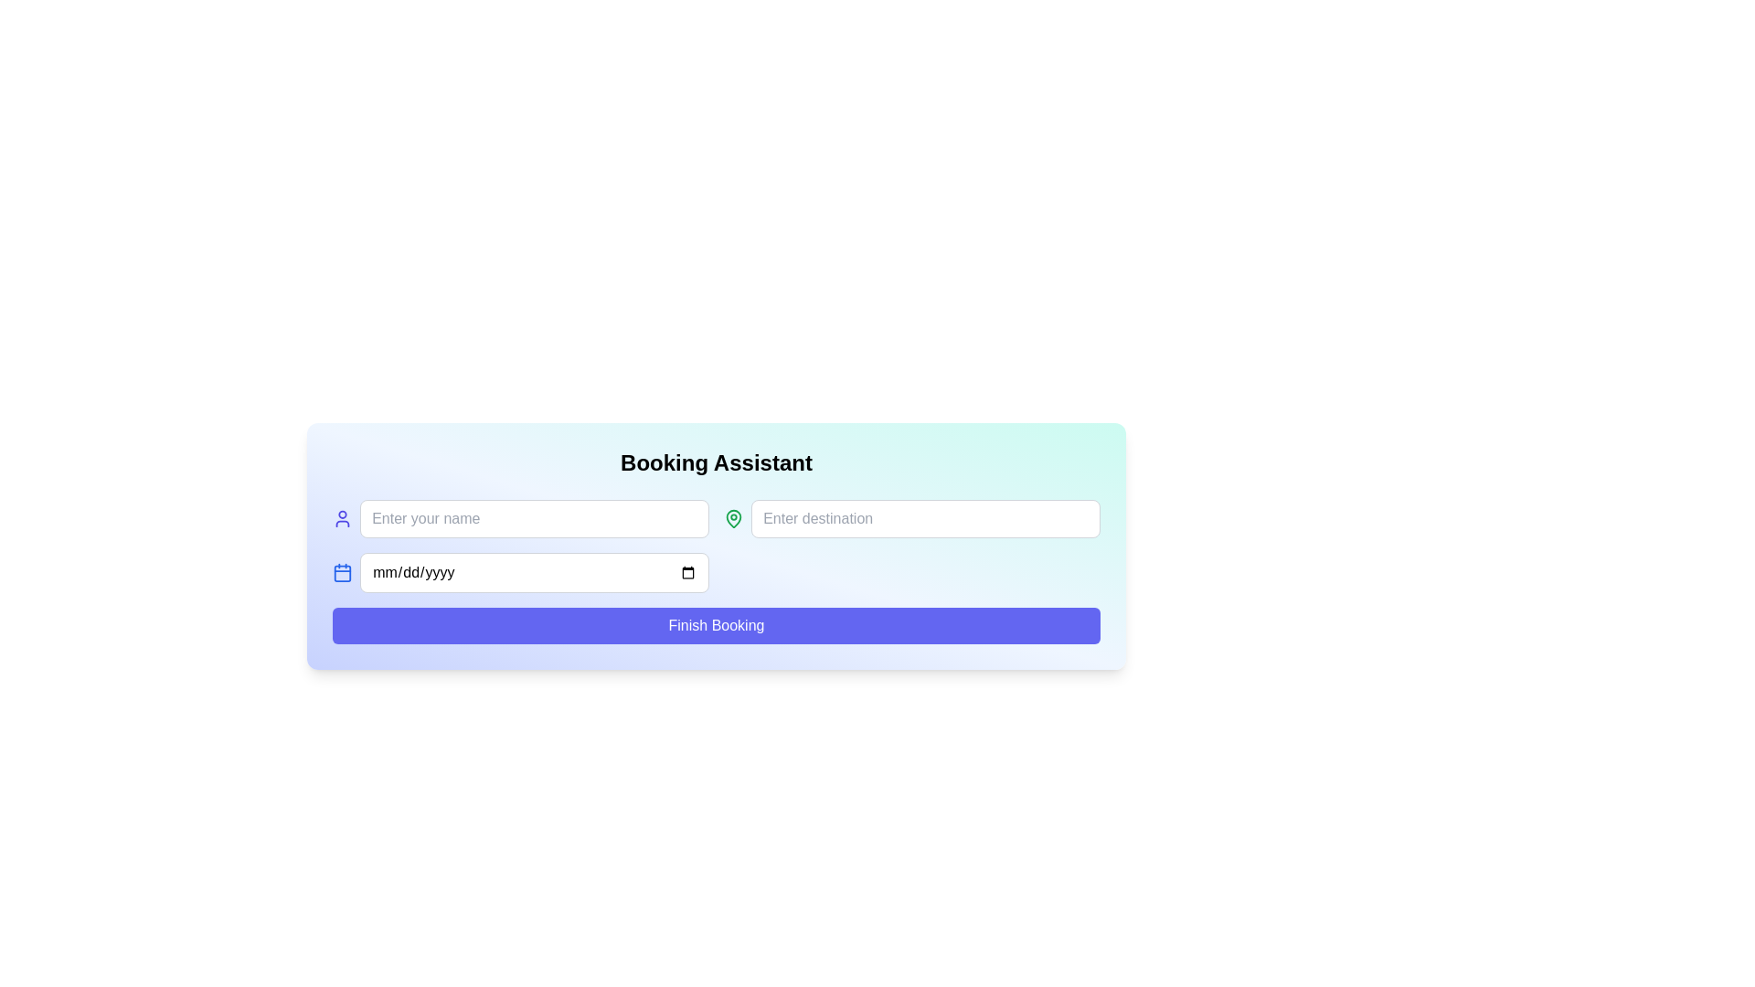 The width and height of the screenshot is (1755, 987). I want to click on the 'Finish Booking' button with a purple background located at the bottom of the 'Booking Assistant' form to trigger the hover effect that changes its background color to a darker purple, so click(715, 625).